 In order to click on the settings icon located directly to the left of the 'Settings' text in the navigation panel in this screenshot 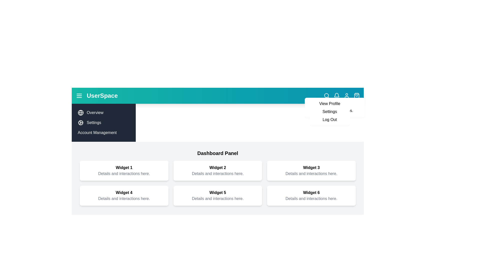, I will do `click(80, 122)`.